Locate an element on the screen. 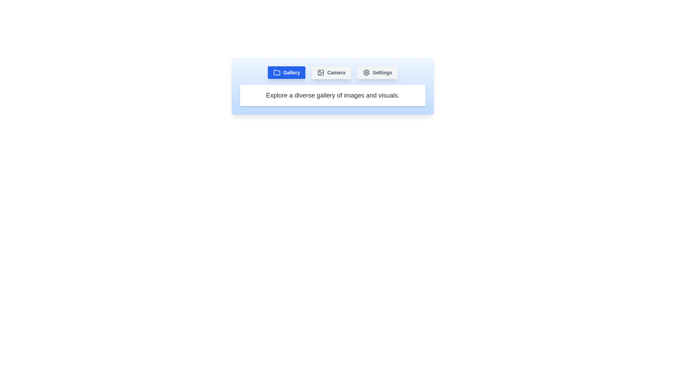 This screenshot has width=674, height=379. the text block that displays the phrase 'Explore a diverse gallery of images and visuals.' which is styled in a large, medium-weight typeface with dark gray color on a white background, located below the buttons labeled 'Gallery,' 'Camera,' and 'Settings.' is located at coordinates (332, 95).